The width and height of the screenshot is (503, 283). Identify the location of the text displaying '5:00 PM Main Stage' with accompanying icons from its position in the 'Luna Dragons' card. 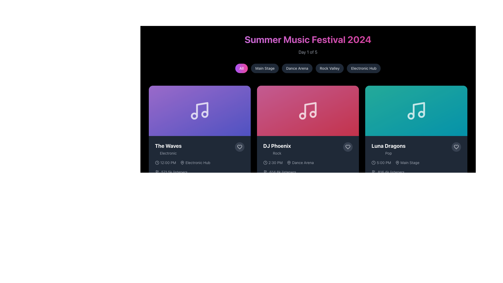
(416, 162).